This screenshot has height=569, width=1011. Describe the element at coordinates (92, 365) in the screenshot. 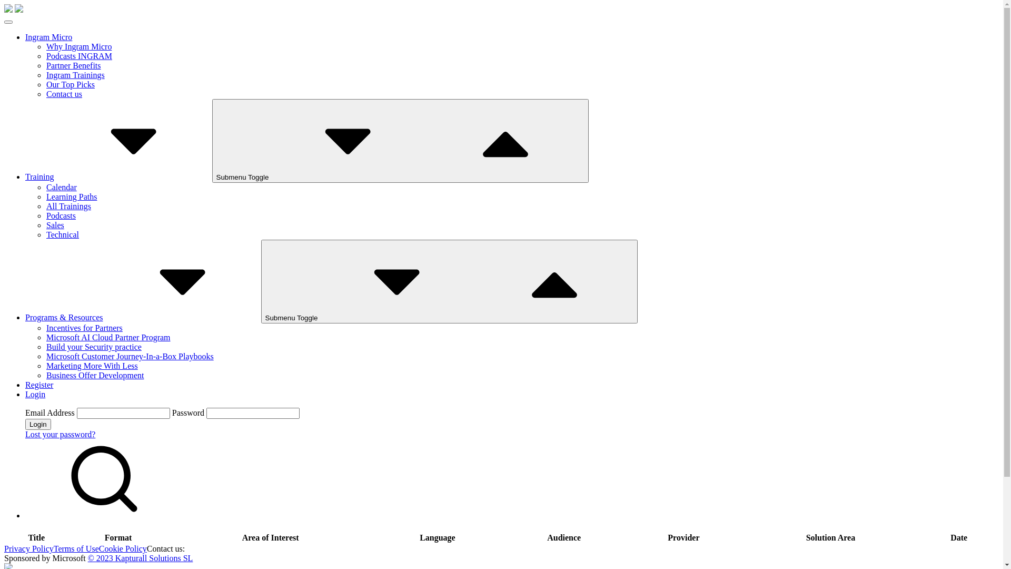

I see `'Marketing More With Less'` at that location.